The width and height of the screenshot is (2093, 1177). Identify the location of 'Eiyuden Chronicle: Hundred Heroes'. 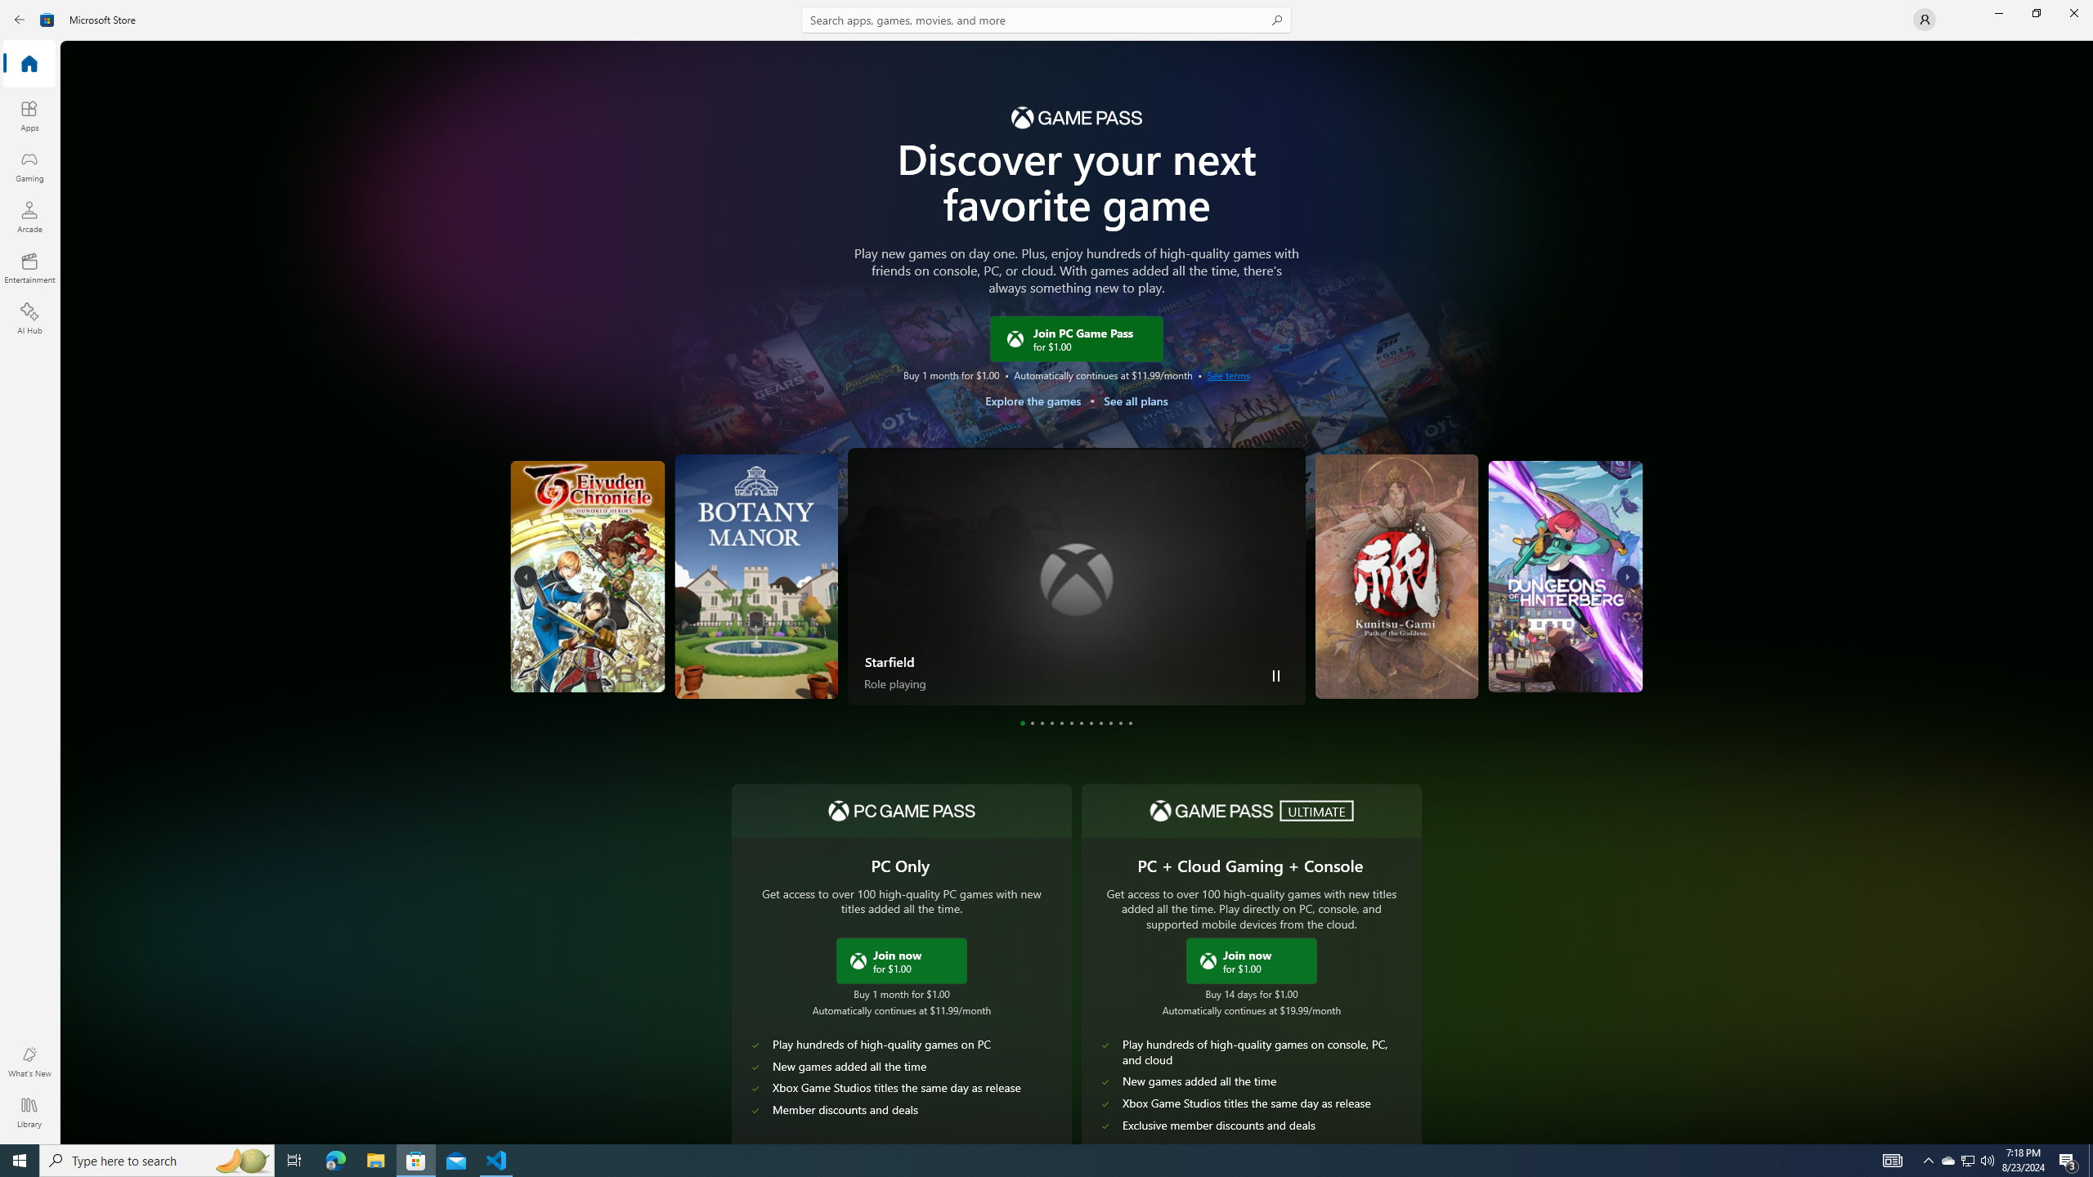
(651, 575).